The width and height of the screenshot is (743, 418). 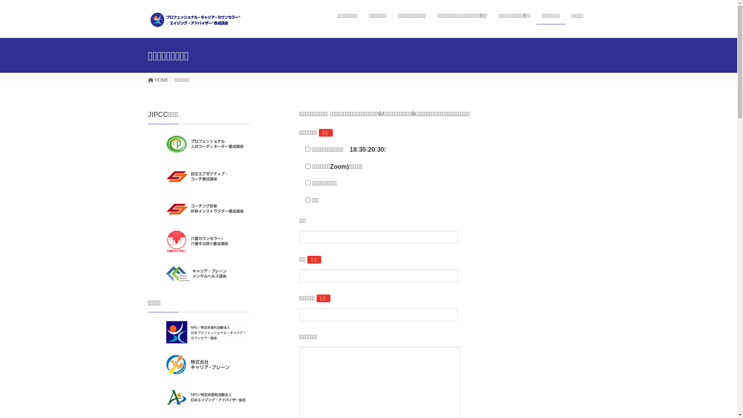 What do you see at coordinates (158, 80) in the screenshot?
I see `'HOME'` at bounding box center [158, 80].